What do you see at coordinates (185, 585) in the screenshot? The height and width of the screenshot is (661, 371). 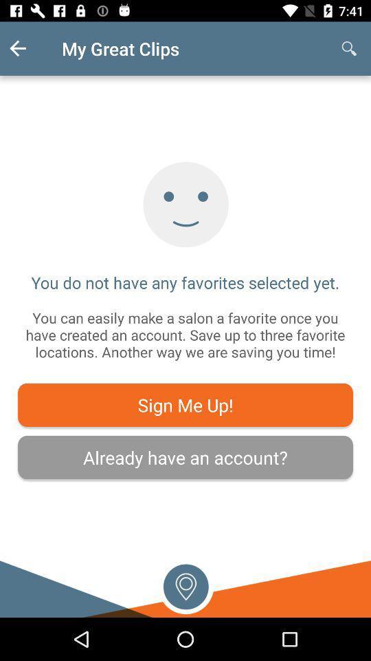 I see `get current location` at bounding box center [185, 585].